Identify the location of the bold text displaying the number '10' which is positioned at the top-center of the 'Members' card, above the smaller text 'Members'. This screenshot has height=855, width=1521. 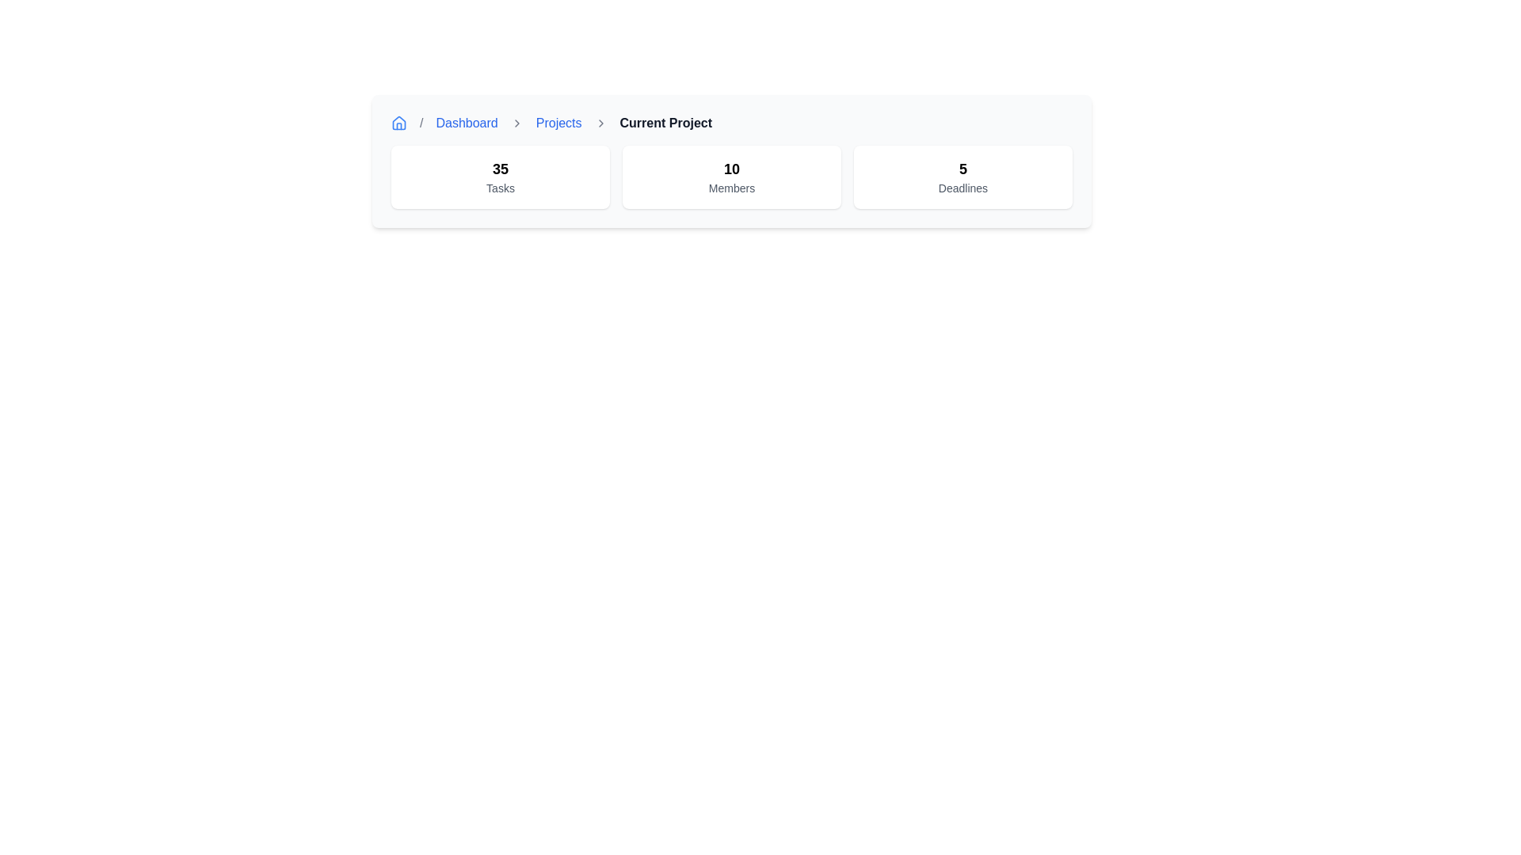
(731, 169).